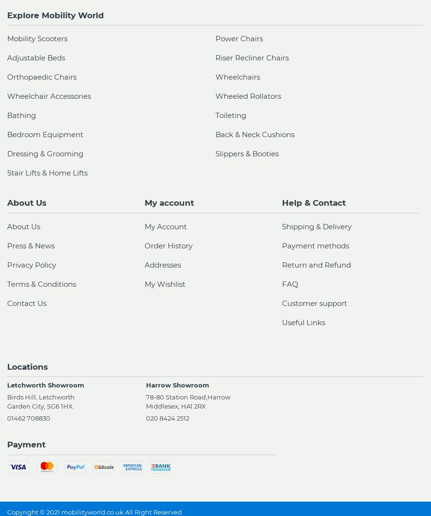 The image size is (431, 516). What do you see at coordinates (7, 401) in the screenshot?
I see `'Birds Hill, Letchworth Garden City, SG6 1HX.'` at bounding box center [7, 401].